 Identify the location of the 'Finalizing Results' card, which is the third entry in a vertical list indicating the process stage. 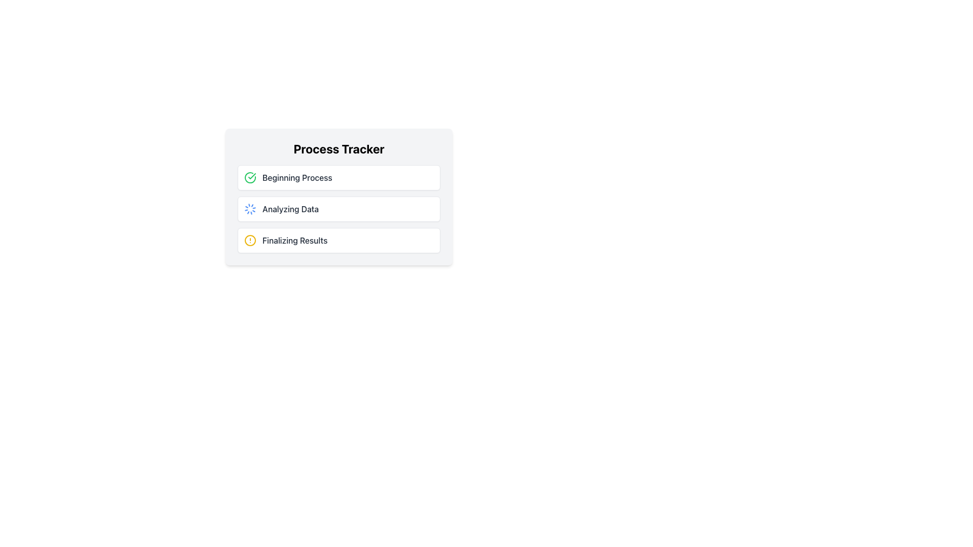
(339, 240).